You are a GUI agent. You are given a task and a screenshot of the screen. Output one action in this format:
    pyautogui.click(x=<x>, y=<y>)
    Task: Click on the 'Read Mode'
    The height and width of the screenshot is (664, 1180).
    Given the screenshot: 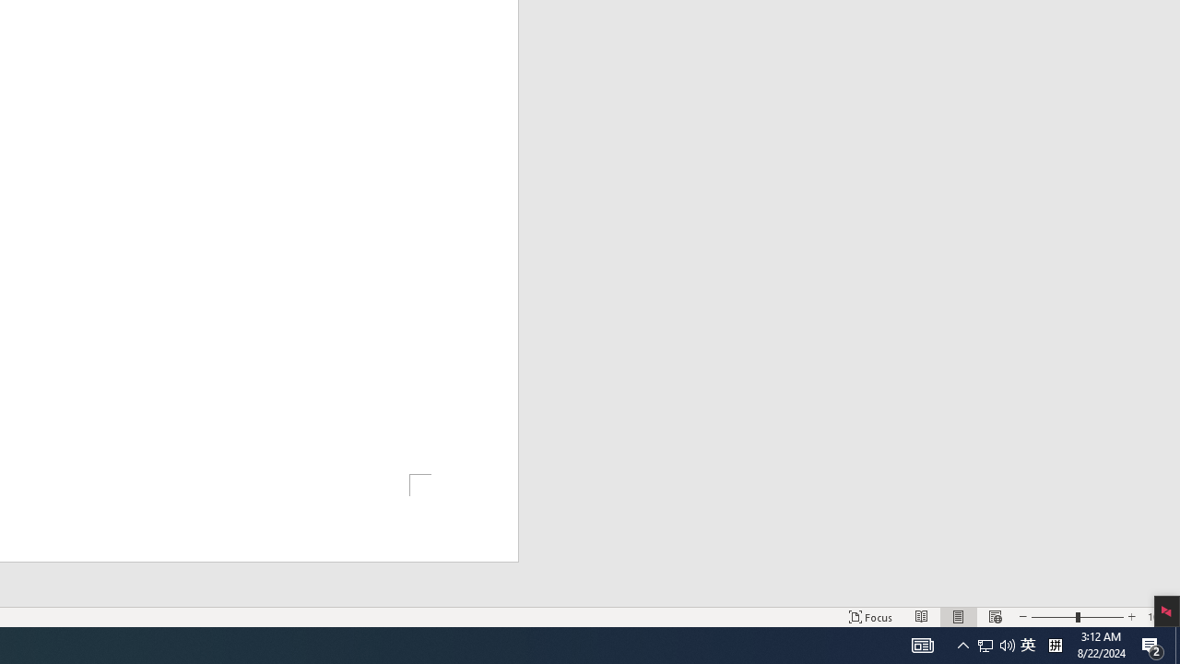 What is the action you would take?
    pyautogui.click(x=922, y=617)
    